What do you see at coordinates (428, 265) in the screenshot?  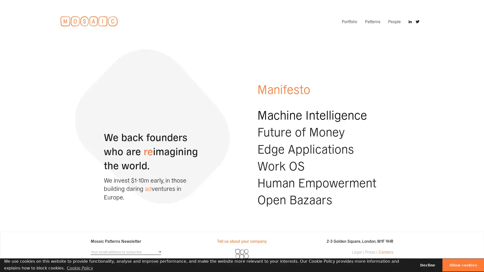 I see `deny cookies` at bounding box center [428, 265].